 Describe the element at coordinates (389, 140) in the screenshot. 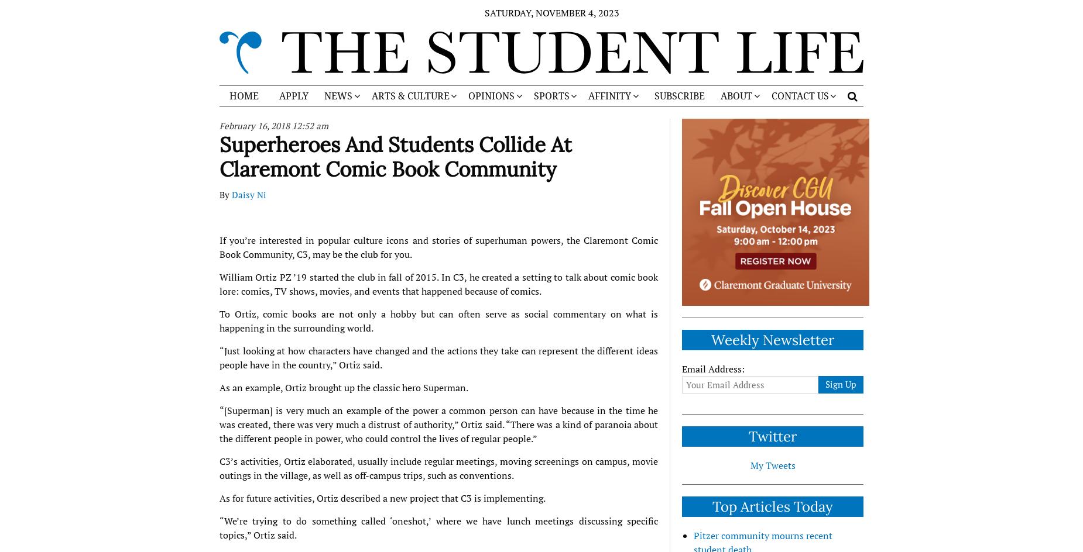

I see `'CLAREMONT MCKENNA COLLEGE'` at that location.